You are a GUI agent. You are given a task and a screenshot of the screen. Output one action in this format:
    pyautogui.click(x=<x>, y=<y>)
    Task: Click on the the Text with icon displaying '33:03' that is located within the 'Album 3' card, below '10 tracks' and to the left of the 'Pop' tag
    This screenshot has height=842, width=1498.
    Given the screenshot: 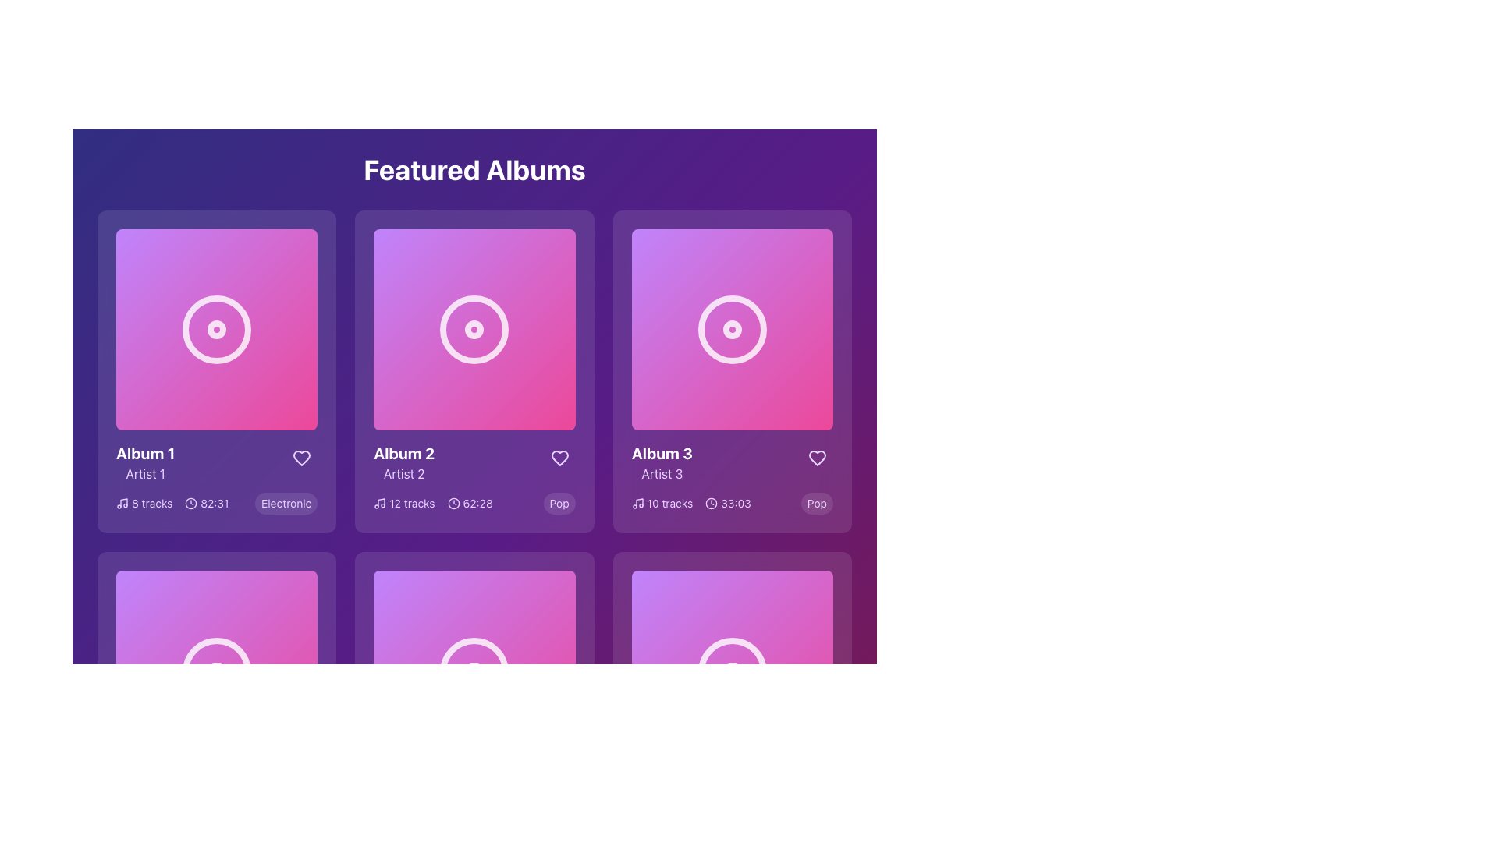 What is the action you would take?
    pyautogui.click(x=727, y=504)
    